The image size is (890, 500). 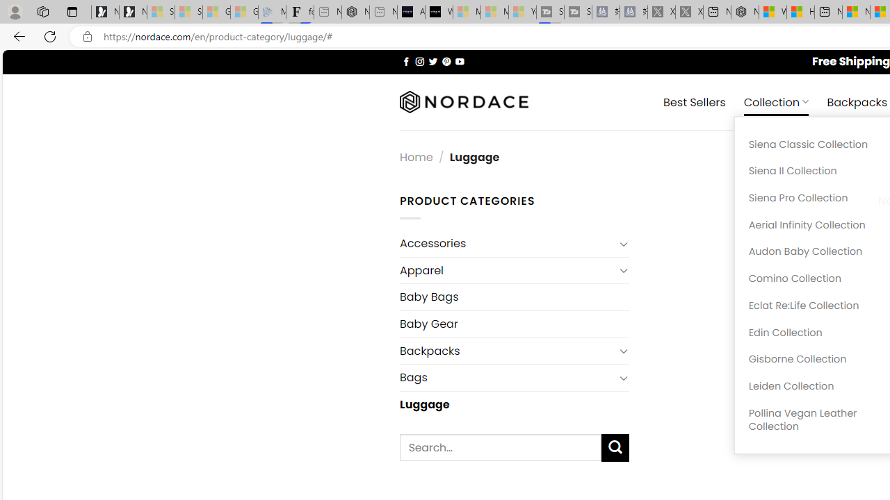 What do you see at coordinates (695, 101) in the screenshot?
I see `' Best Sellers'` at bounding box center [695, 101].